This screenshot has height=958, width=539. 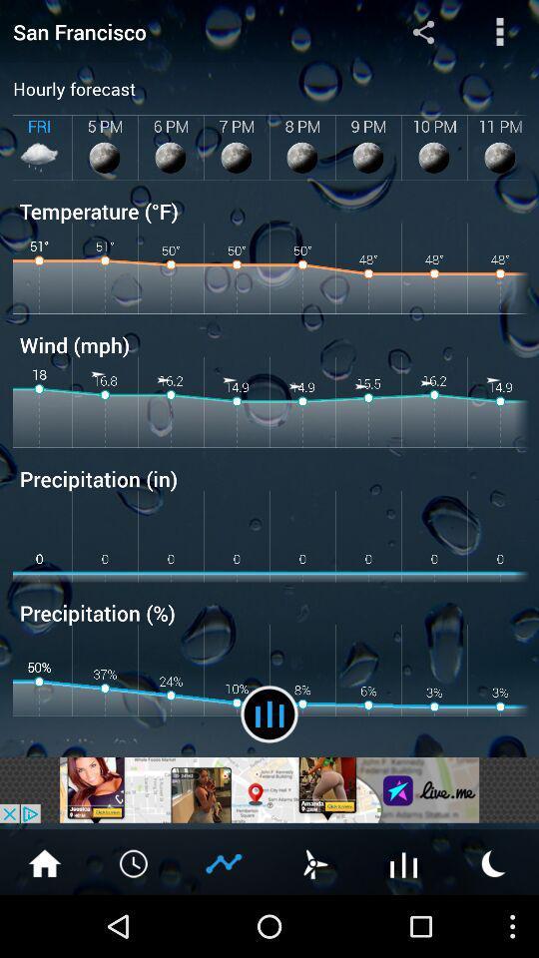 What do you see at coordinates (44, 861) in the screenshot?
I see `home` at bounding box center [44, 861].